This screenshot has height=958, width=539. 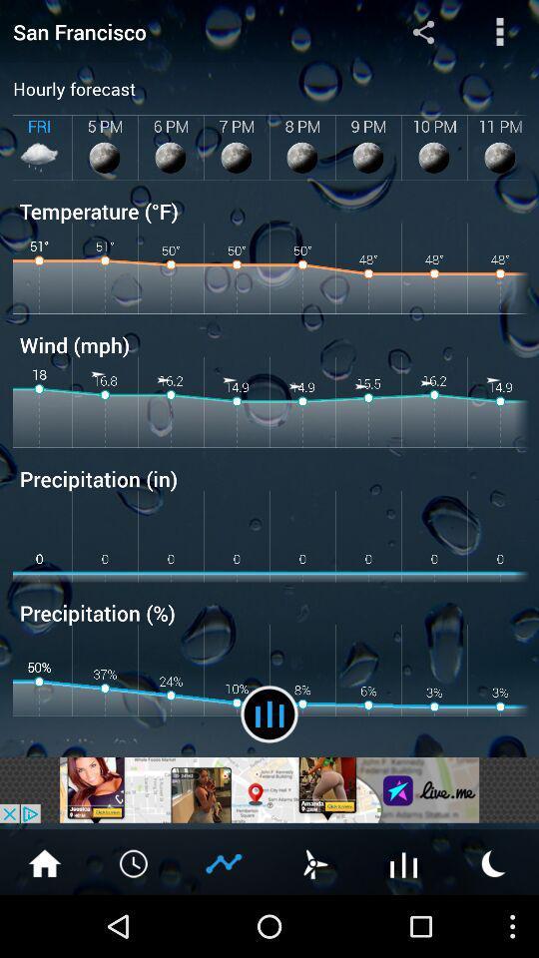 What do you see at coordinates (44, 861) in the screenshot?
I see `home` at bounding box center [44, 861].